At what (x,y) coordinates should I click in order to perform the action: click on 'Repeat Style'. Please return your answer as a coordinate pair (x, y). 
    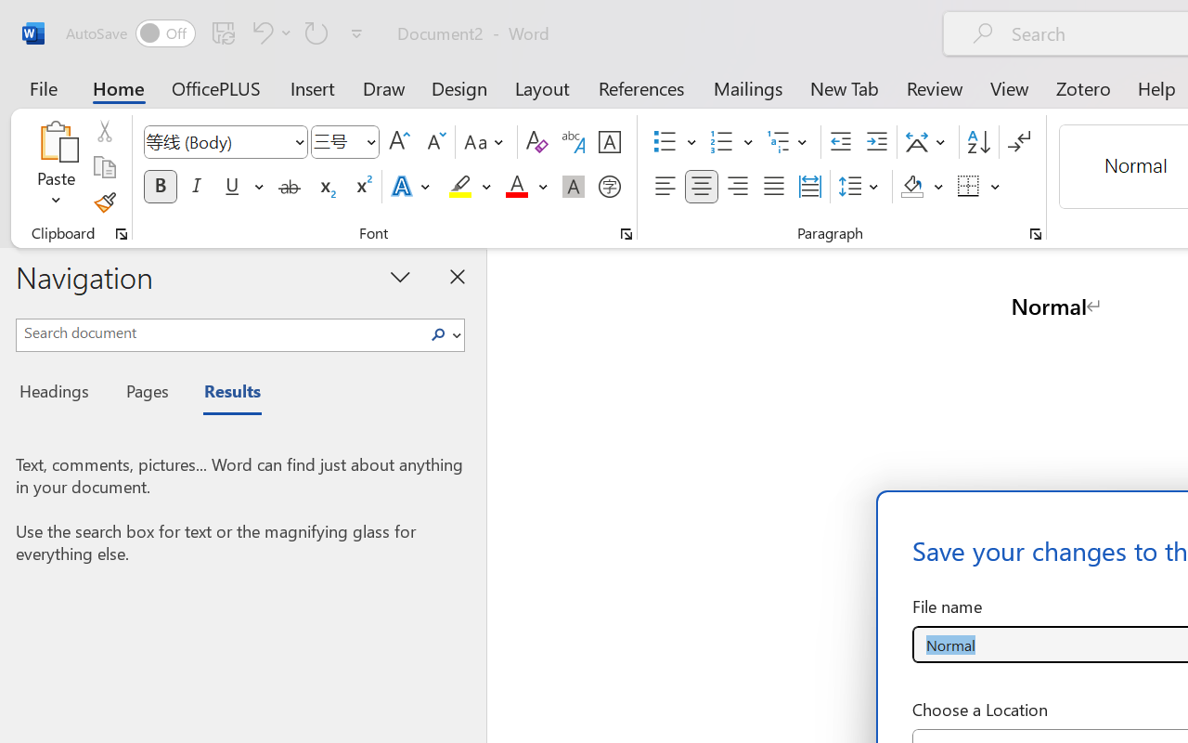
    Looking at the image, I should click on (316, 32).